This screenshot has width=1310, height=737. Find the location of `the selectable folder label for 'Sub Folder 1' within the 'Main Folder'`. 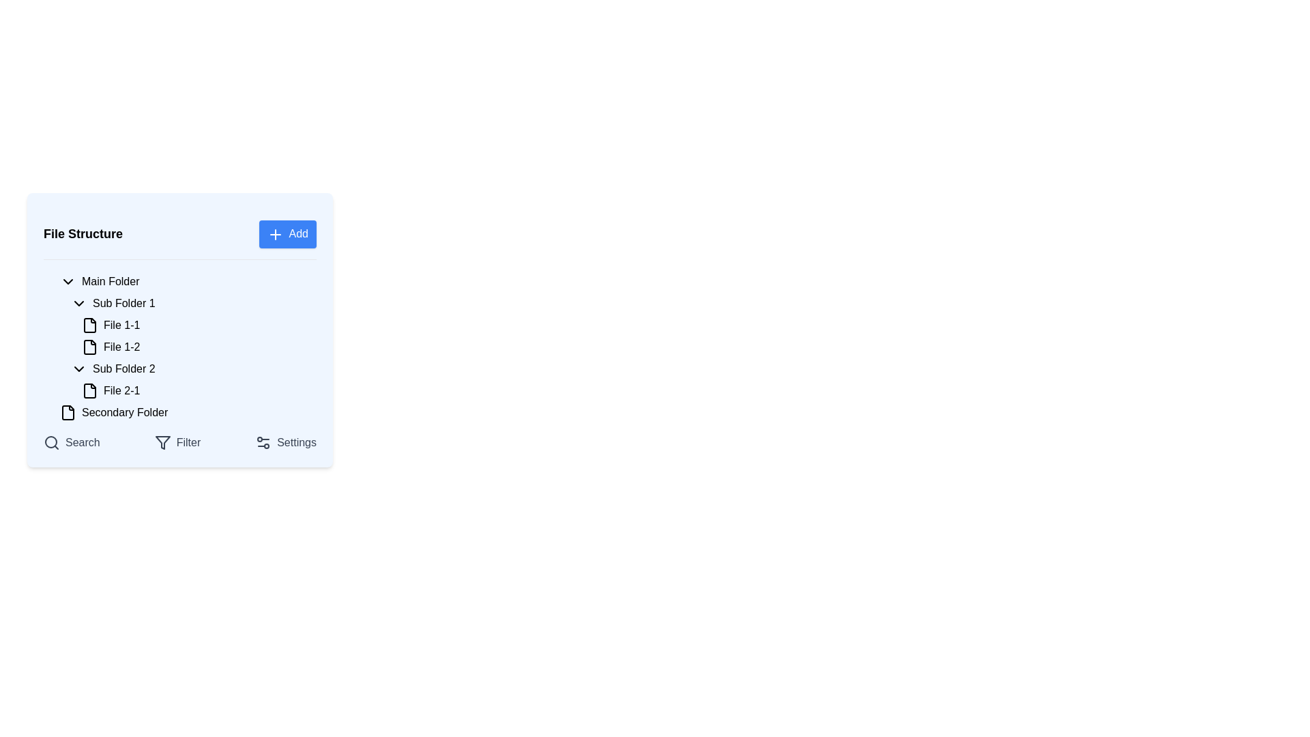

the selectable folder label for 'Sub Folder 1' within the 'Main Folder' is located at coordinates (123, 302).